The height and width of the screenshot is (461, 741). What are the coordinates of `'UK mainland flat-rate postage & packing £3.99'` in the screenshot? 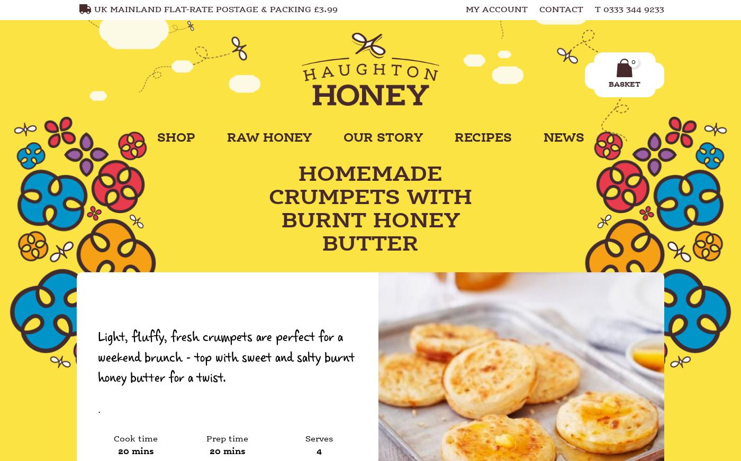 It's located at (93, 10).